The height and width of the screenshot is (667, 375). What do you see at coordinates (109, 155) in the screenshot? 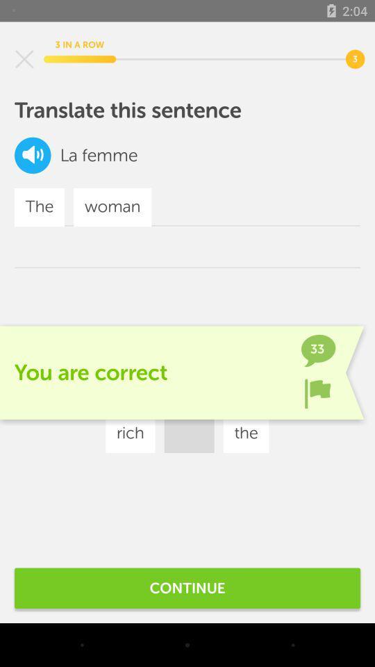
I see `femme icon` at bounding box center [109, 155].